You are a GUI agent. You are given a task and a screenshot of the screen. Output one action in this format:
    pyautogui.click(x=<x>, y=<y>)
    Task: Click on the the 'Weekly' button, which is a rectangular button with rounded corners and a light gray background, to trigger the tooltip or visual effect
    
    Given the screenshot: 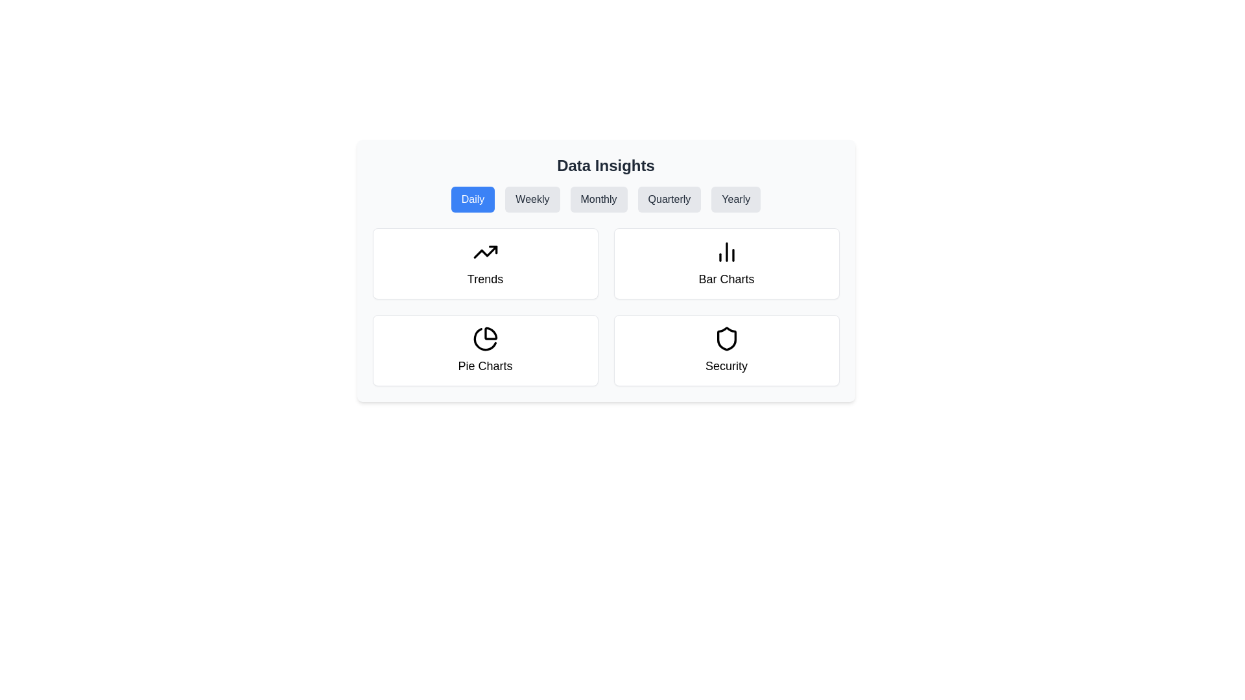 What is the action you would take?
    pyautogui.click(x=532, y=200)
    